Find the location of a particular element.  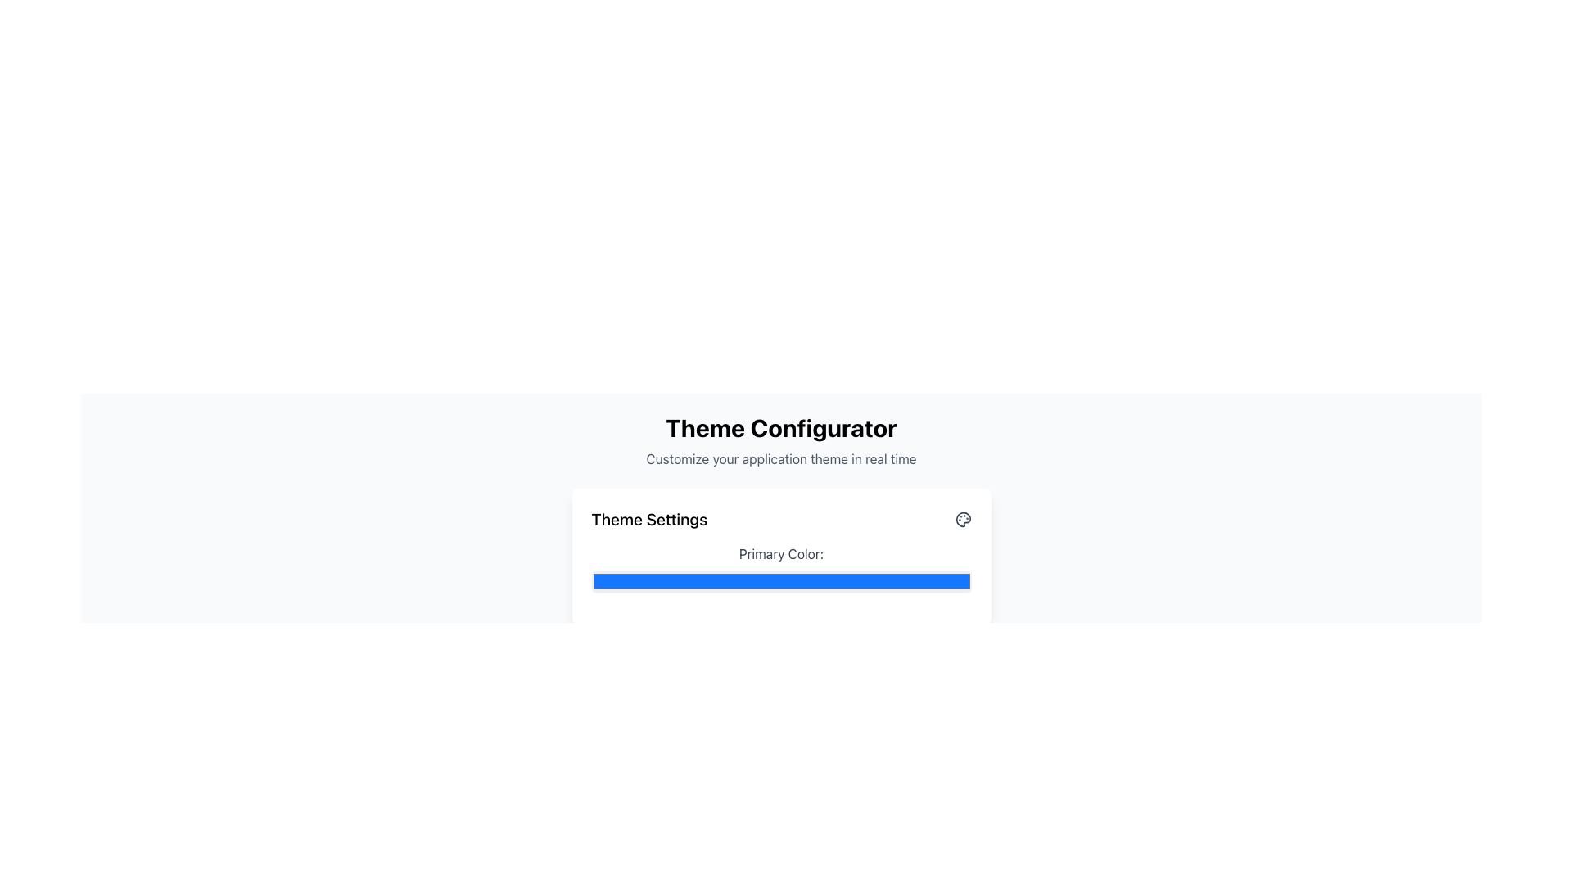

the customization icon located to the right of the 'Theme Settings' text is located at coordinates (963, 520).